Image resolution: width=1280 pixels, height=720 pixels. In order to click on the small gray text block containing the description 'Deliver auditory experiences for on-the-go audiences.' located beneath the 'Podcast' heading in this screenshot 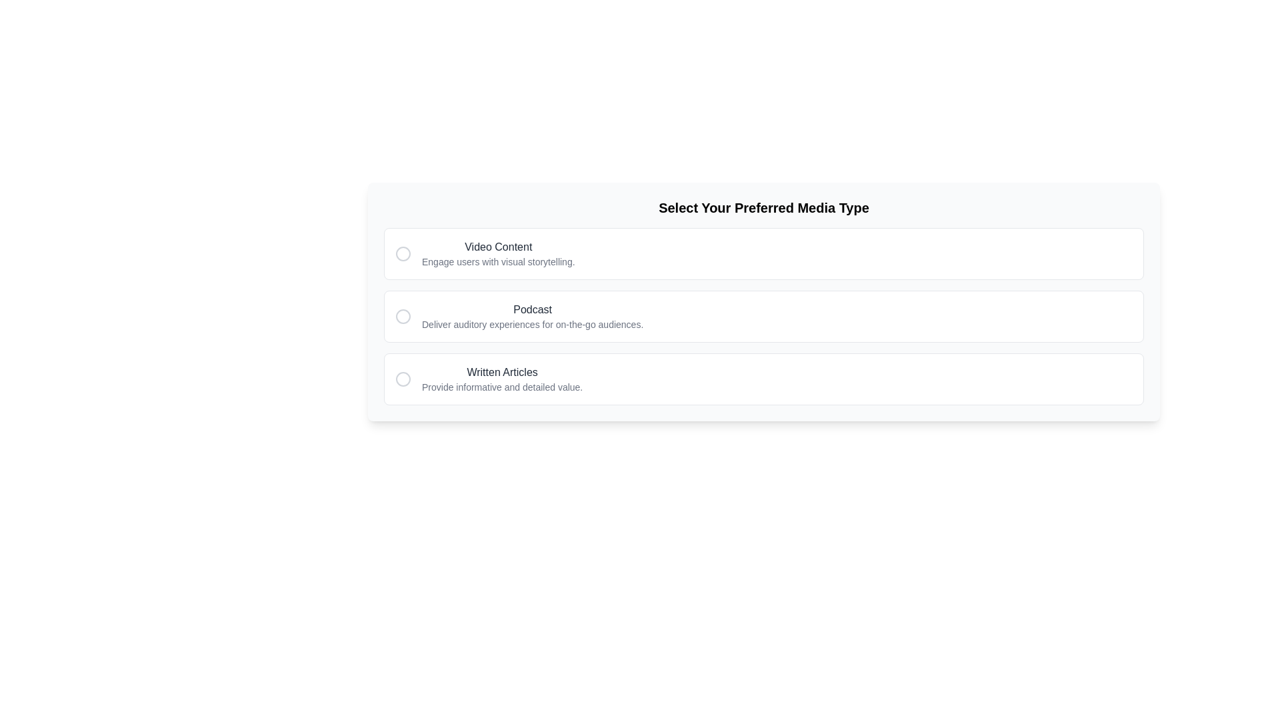, I will do `click(532, 324)`.